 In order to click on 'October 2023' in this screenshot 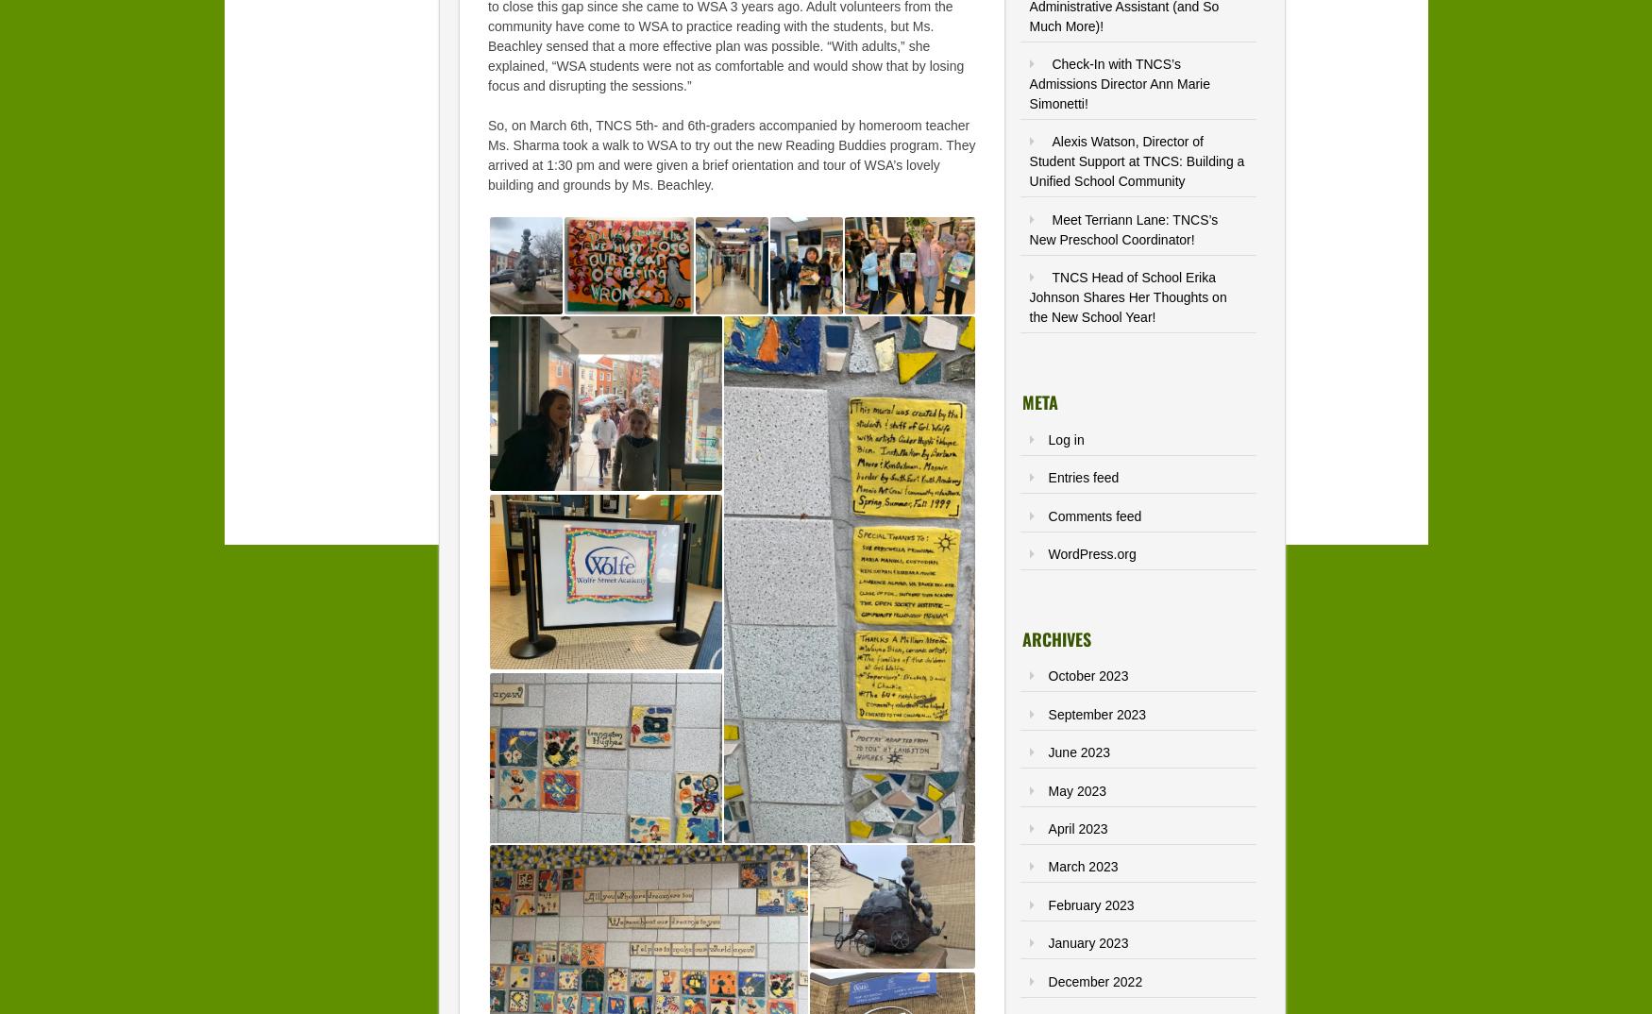, I will do `click(1048, 676)`.